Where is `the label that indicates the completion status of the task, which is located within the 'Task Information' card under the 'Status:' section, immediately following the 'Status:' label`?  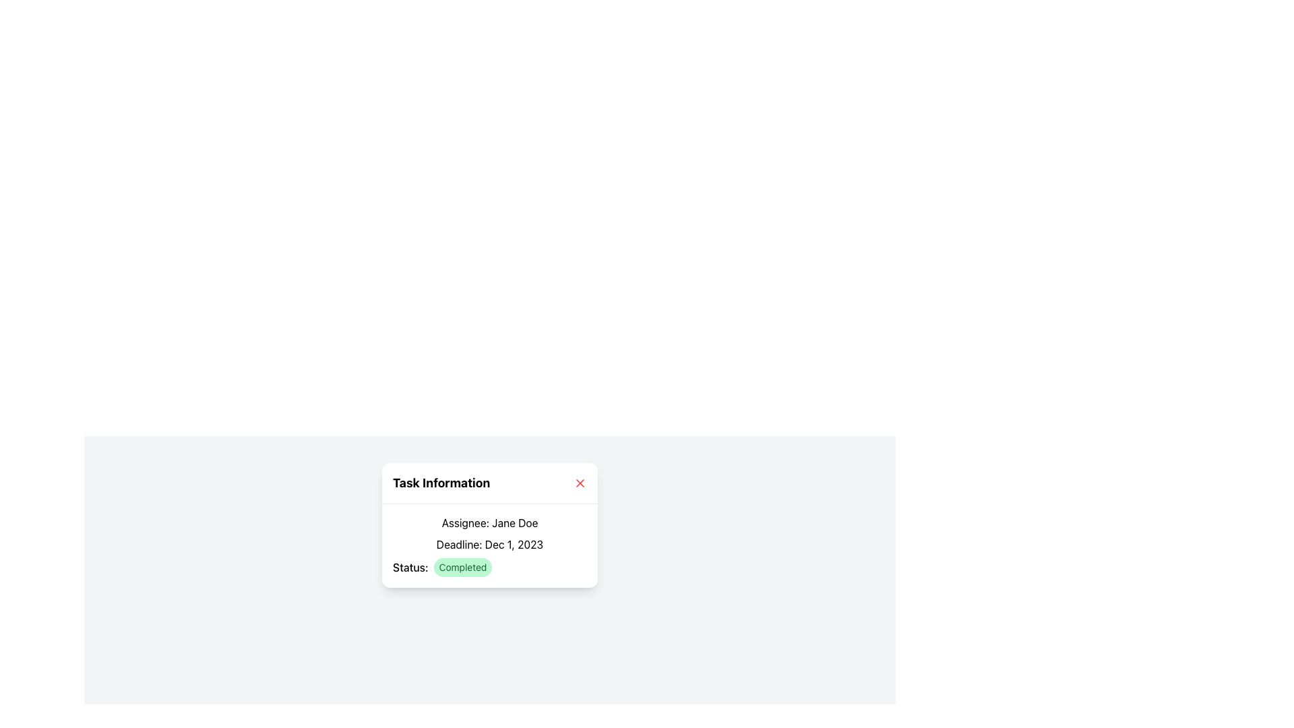
the label that indicates the completion status of the task, which is located within the 'Task Information' card under the 'Status:' section, immediately following the 'Status:' label is located at coordinates (462, 567).